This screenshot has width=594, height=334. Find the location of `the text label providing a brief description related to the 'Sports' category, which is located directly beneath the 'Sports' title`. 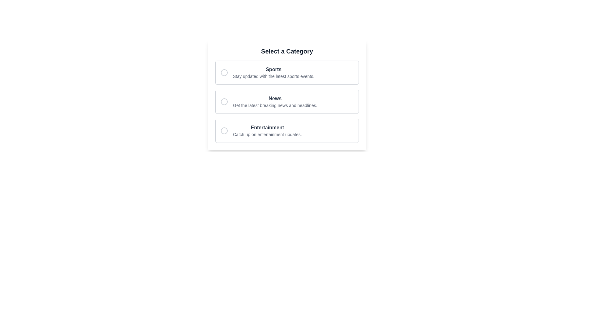

the text label providing a brief description related to the 'Sports' category, which is located directly beneath the 'Sports' title is located at coordinates (273, 76).